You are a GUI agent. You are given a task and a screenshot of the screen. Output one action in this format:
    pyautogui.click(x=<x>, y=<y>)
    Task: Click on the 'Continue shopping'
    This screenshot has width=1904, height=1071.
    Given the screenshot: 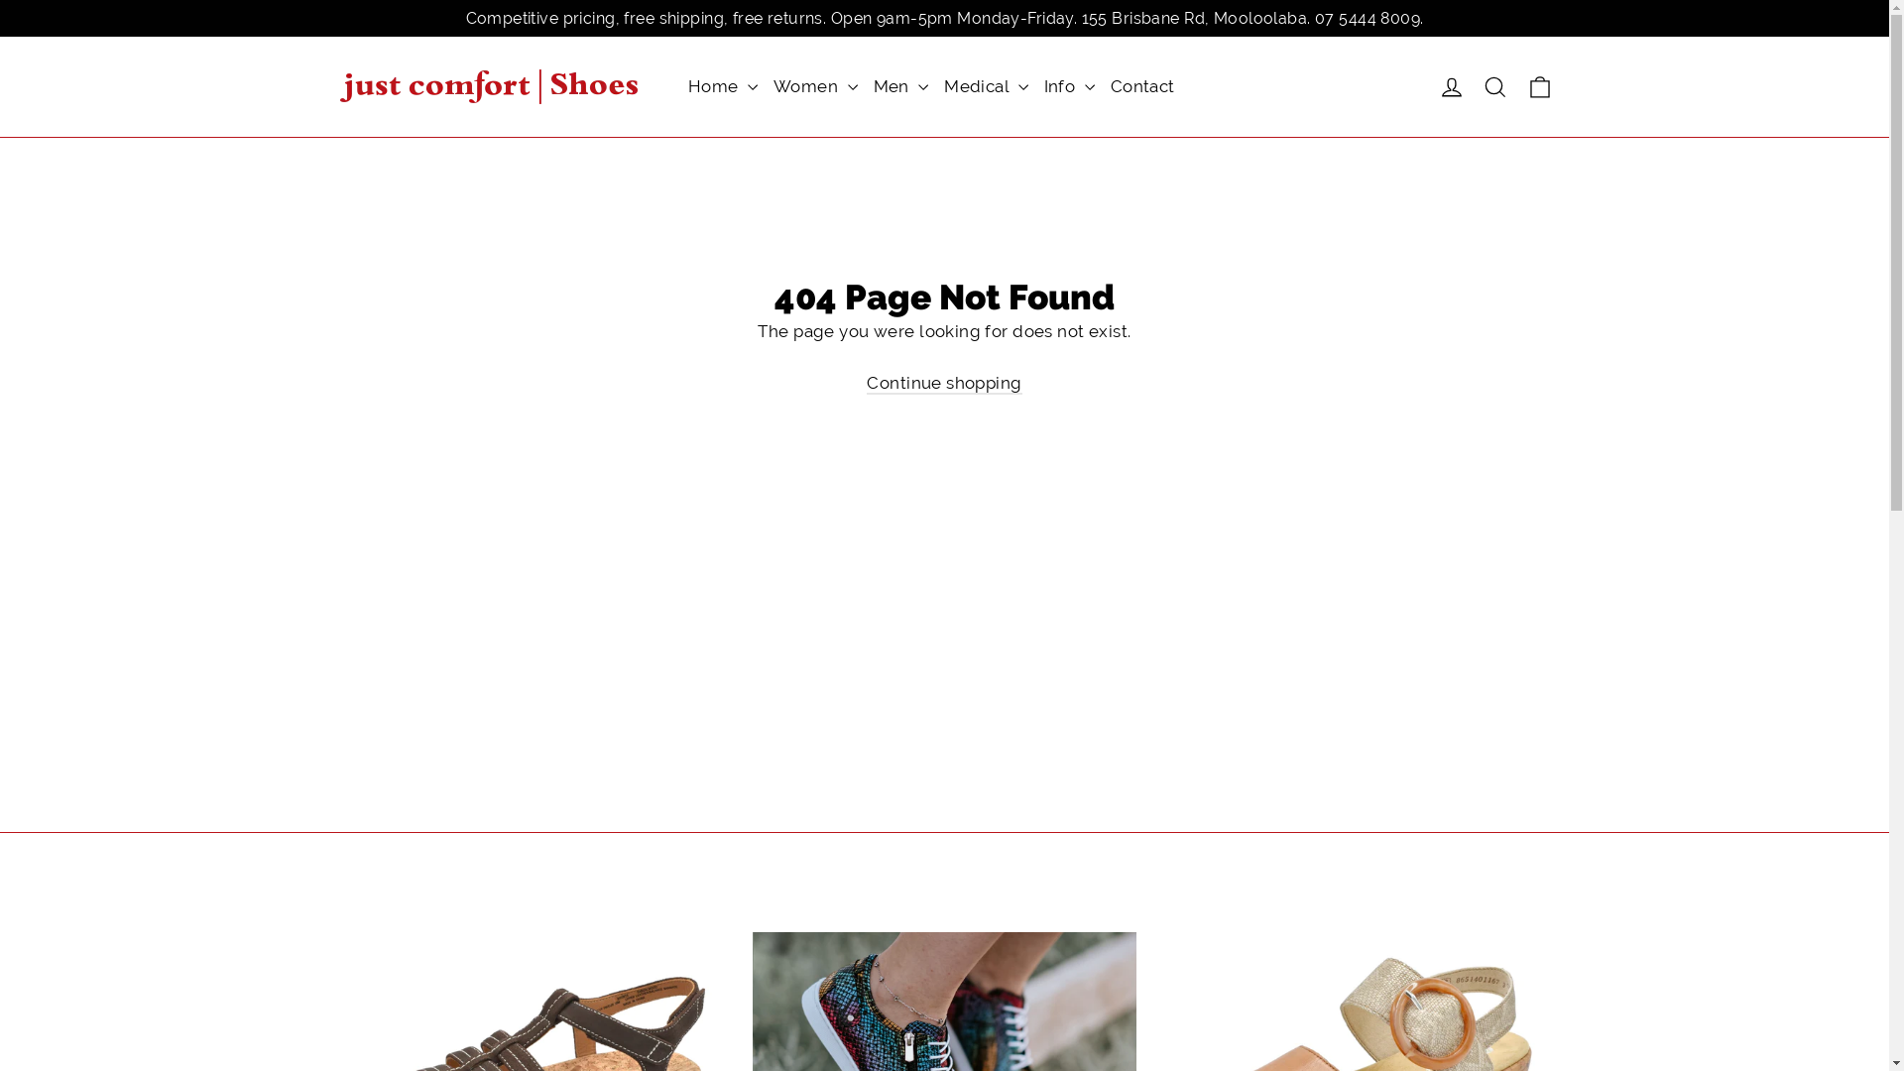 What is the action you would take?
    pyautogui.click(x=942, y=383)
    